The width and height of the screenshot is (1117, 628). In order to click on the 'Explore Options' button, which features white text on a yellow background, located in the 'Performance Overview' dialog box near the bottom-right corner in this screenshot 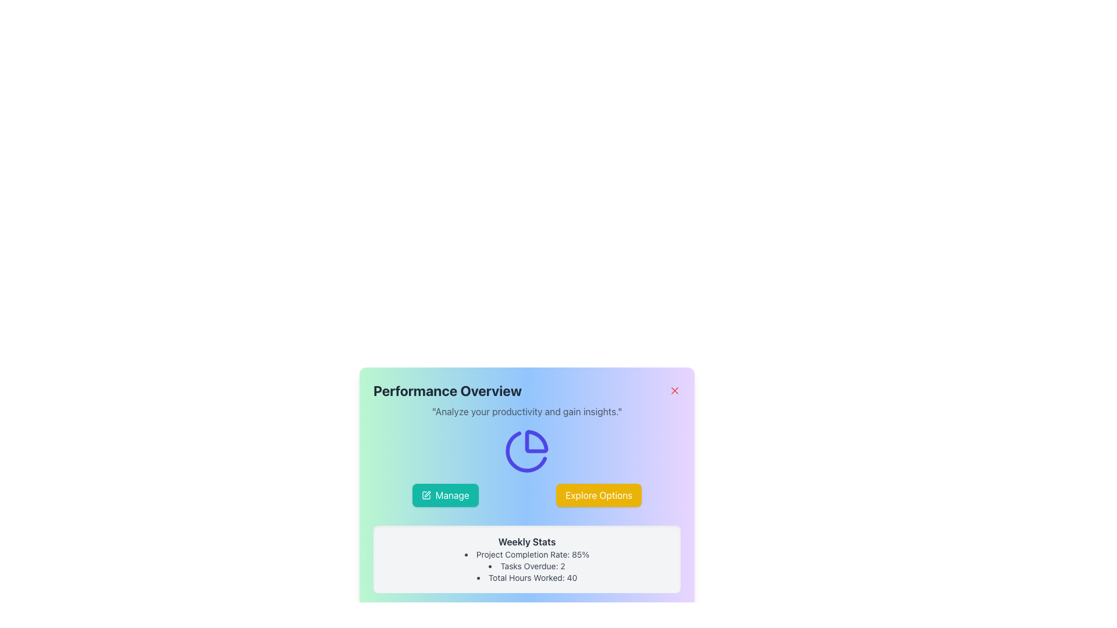, I will do `click(599, 495)`.